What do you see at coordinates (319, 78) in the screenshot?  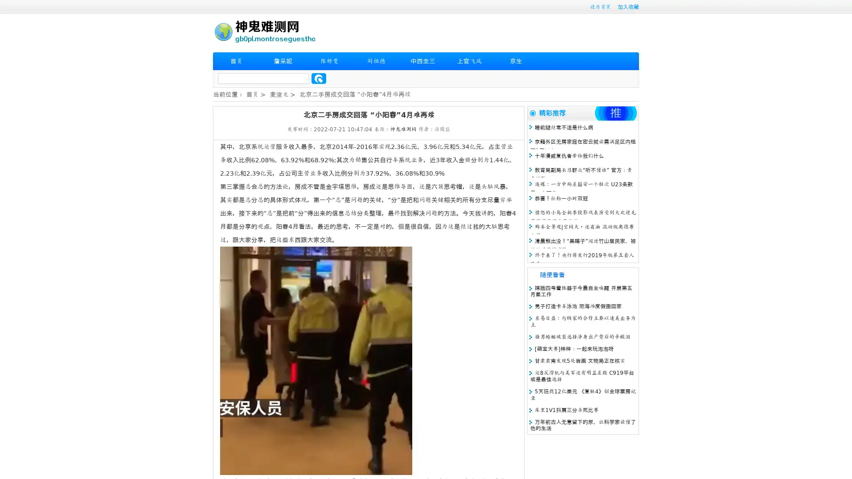 I see `Search` at bounding box center [319, 78].